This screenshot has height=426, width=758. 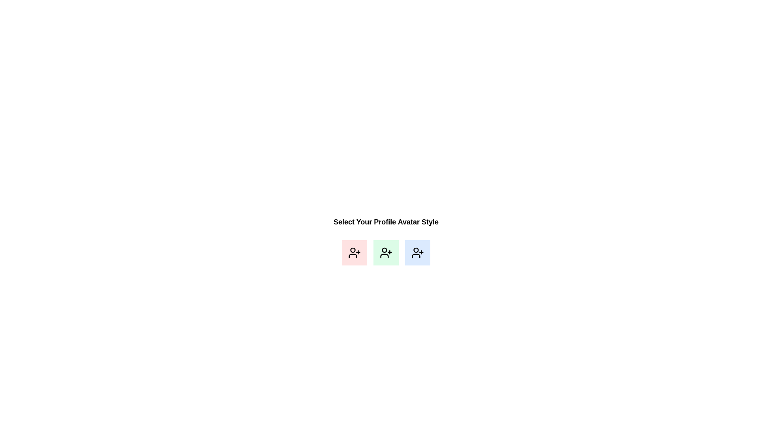 I want to click on the small circular shape located in the upper-left area of the leftmost profile icon among three icons, so click(x=352, y=250).